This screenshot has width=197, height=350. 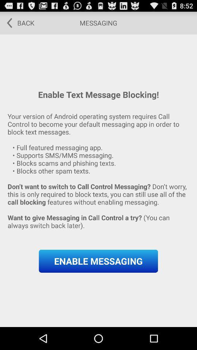 What do you see at coordinates (98, 261) in the screenshot?
I see `button at the bottom` at bounding box center [98, 261].